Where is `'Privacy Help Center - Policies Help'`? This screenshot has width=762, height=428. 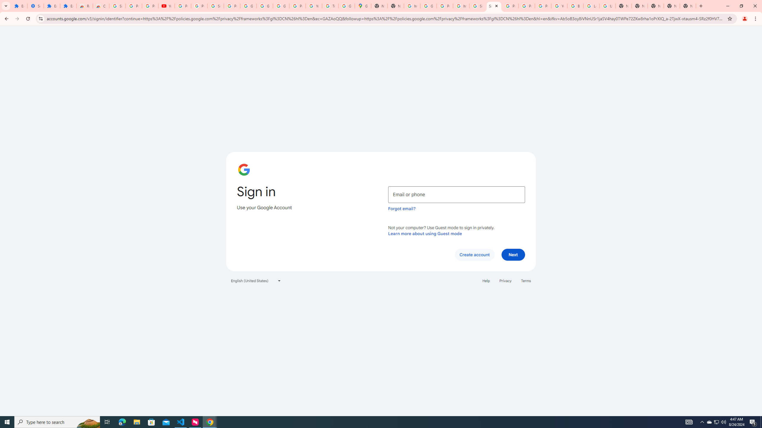
'Privacy Help Center - Policies Help' is located at coordinates (526, 6).